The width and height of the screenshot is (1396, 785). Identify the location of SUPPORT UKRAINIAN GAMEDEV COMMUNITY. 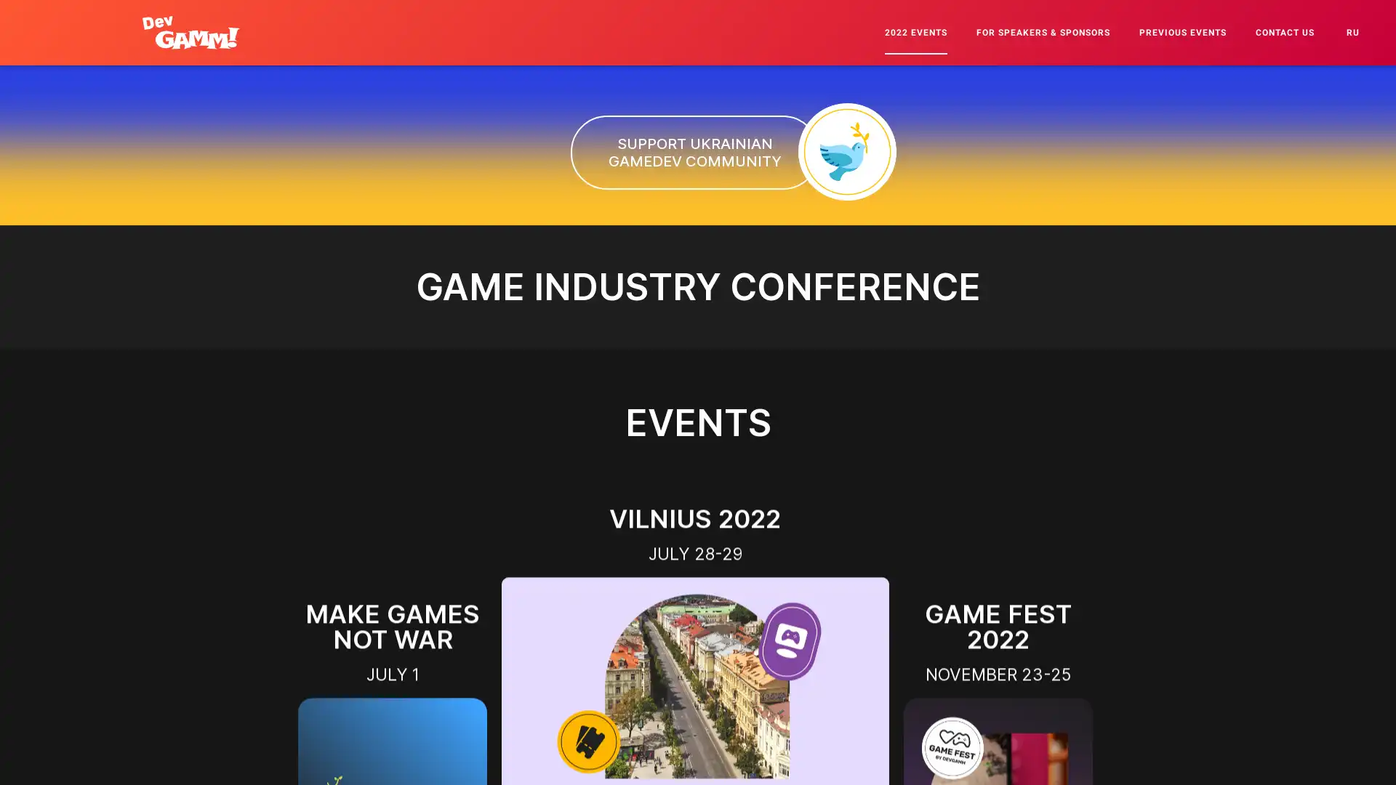
(694, 152).